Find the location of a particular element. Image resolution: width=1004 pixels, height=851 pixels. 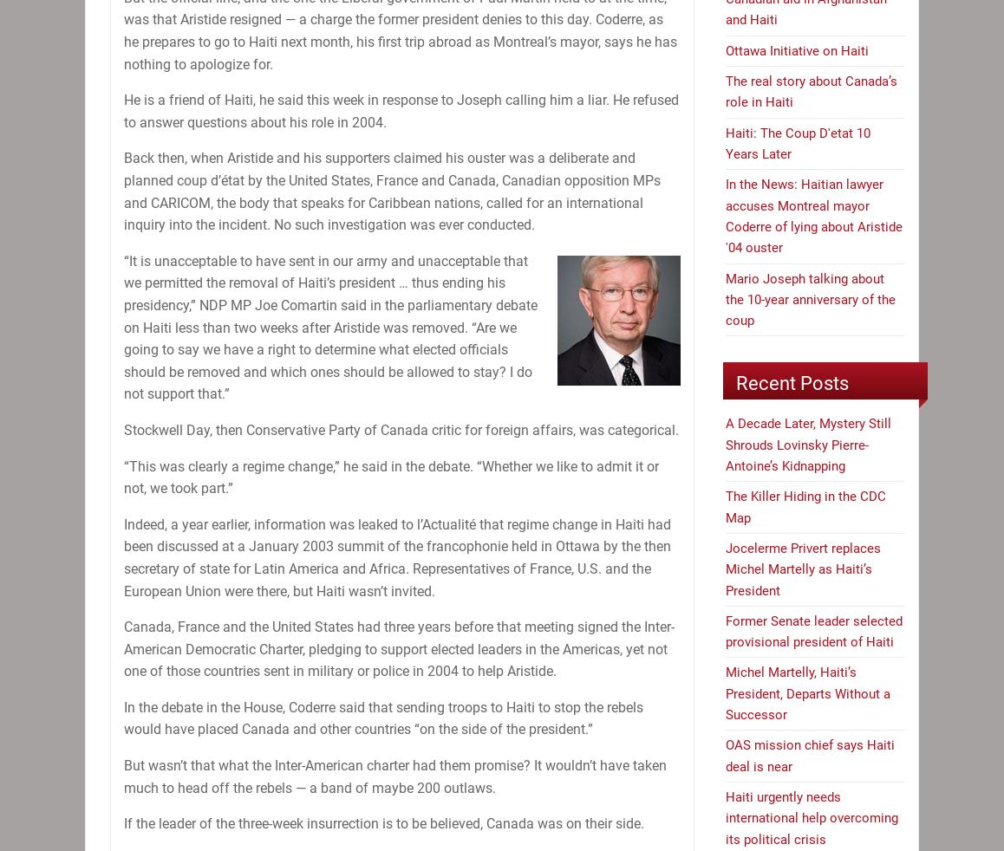

'If the leader of the three-week insurrection is to be believed, Canada was on their side.' is located at coordinates (123, 823).